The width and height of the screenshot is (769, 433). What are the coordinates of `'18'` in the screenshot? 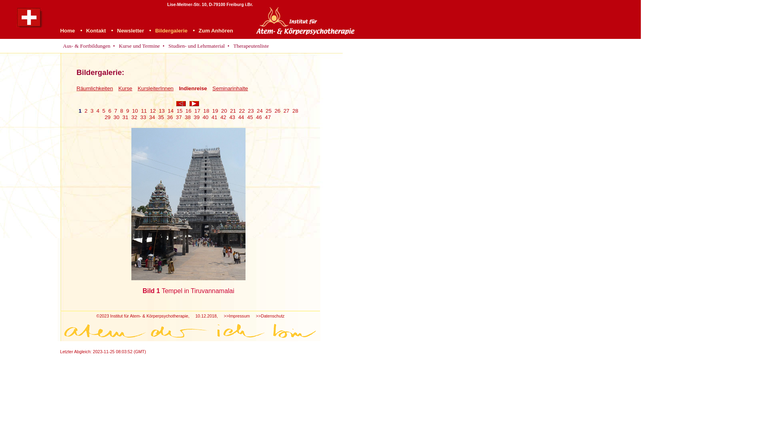 It's located at (206, 111).